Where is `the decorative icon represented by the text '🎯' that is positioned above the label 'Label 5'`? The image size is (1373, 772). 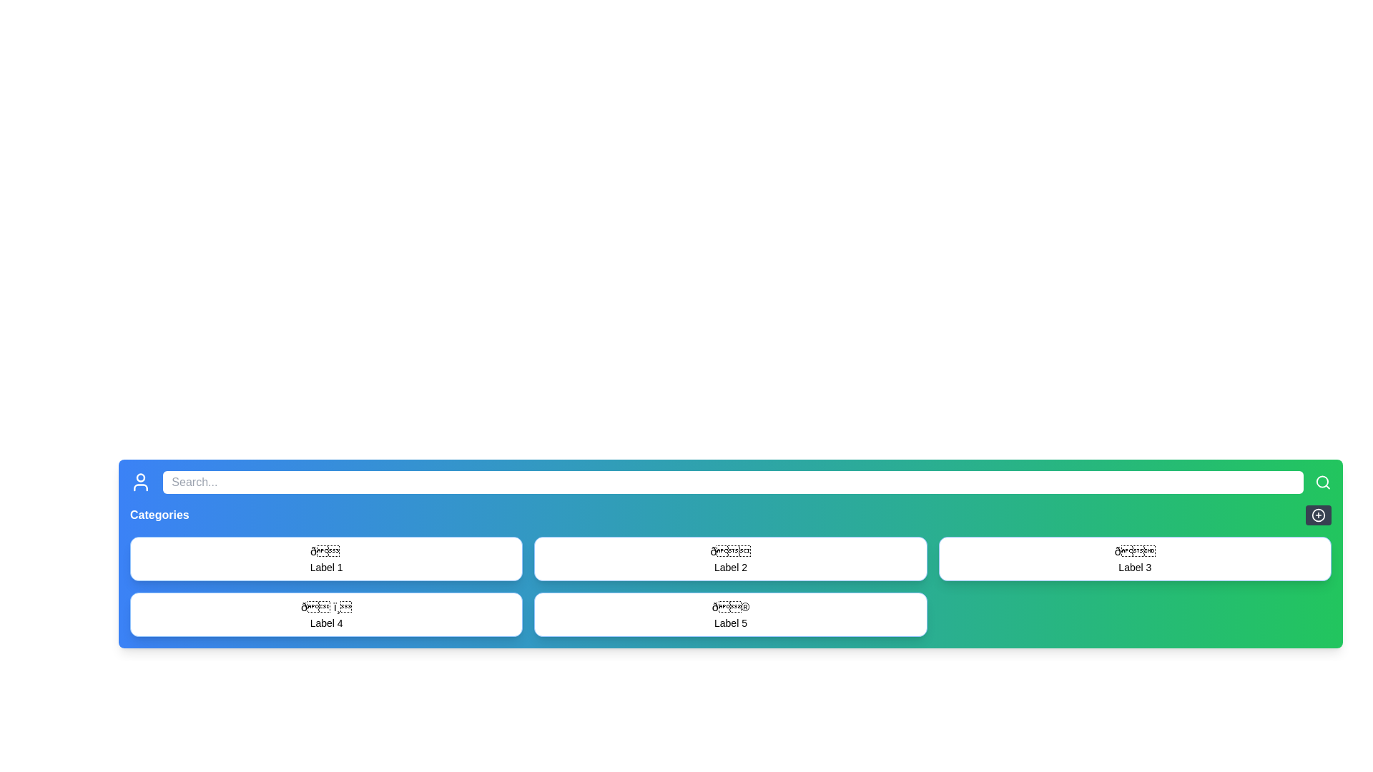 the decorative icon represented by the text '🎯' that is positioned above the label 'Label 5' is located at coordinates (731, 607).